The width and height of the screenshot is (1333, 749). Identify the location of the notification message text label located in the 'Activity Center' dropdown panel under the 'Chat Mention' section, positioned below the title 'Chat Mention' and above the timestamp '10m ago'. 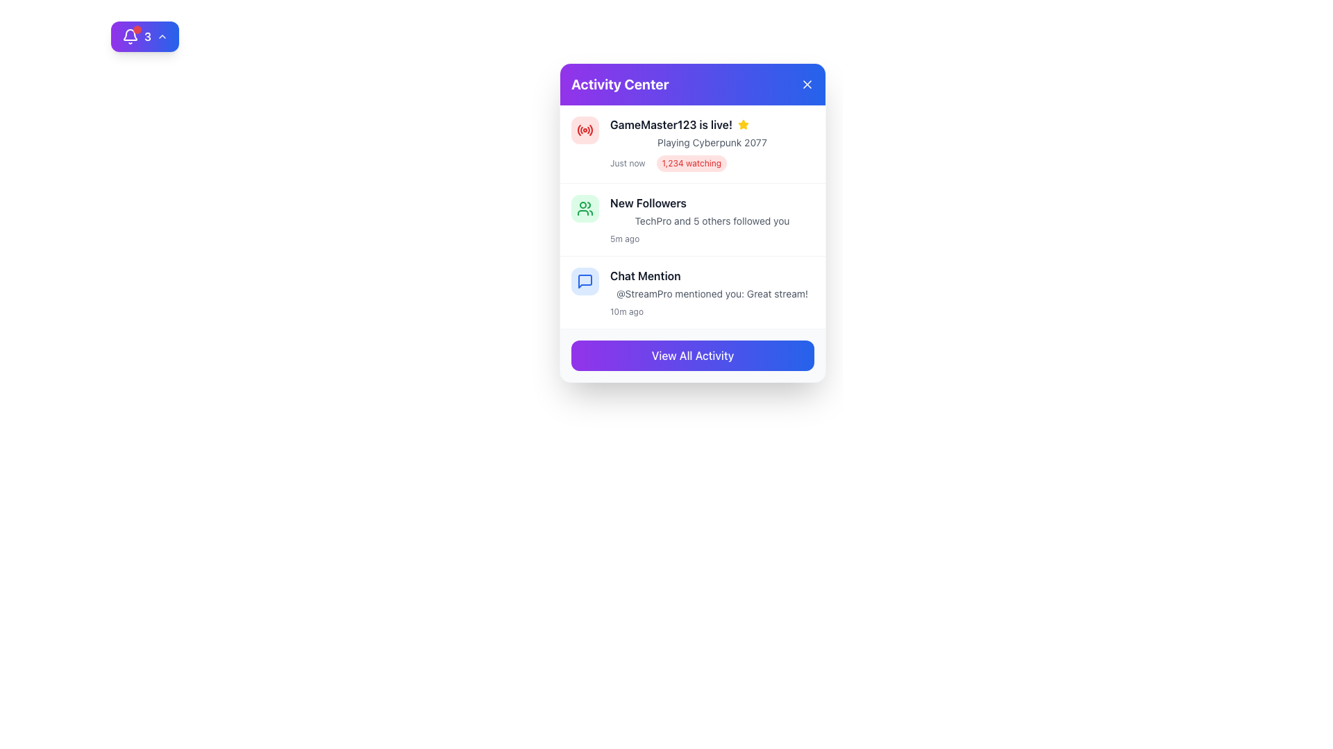
(712, 293).